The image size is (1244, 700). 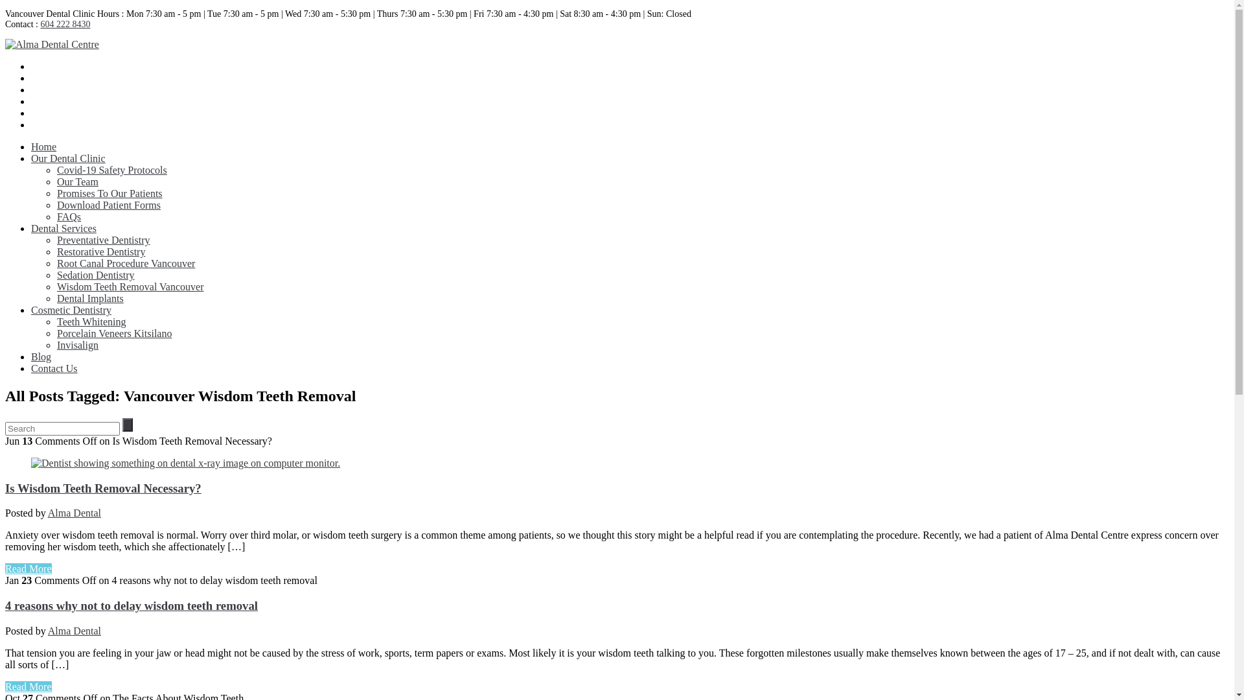 What do you see at coordinates (77, 181) in the screenshot?
I see `'Our Team'` at bounding box center [77, 181].